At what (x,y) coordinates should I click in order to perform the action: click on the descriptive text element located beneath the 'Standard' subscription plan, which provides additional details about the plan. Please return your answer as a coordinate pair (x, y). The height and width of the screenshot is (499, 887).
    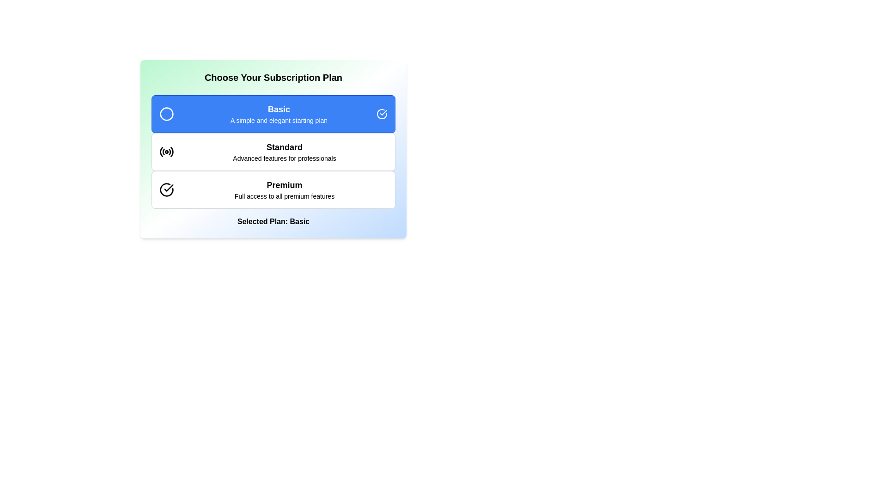
    Looking at the image, I should click on (284, 158).